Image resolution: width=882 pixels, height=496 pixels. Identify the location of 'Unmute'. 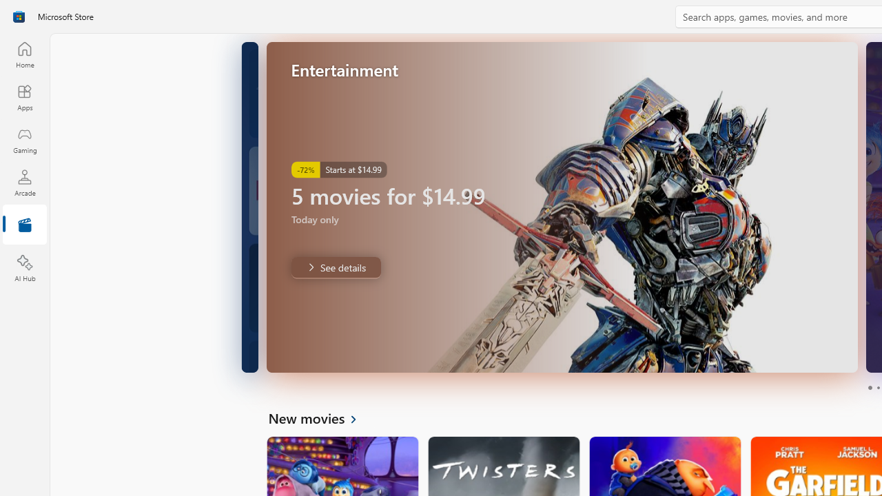
(837, 353).